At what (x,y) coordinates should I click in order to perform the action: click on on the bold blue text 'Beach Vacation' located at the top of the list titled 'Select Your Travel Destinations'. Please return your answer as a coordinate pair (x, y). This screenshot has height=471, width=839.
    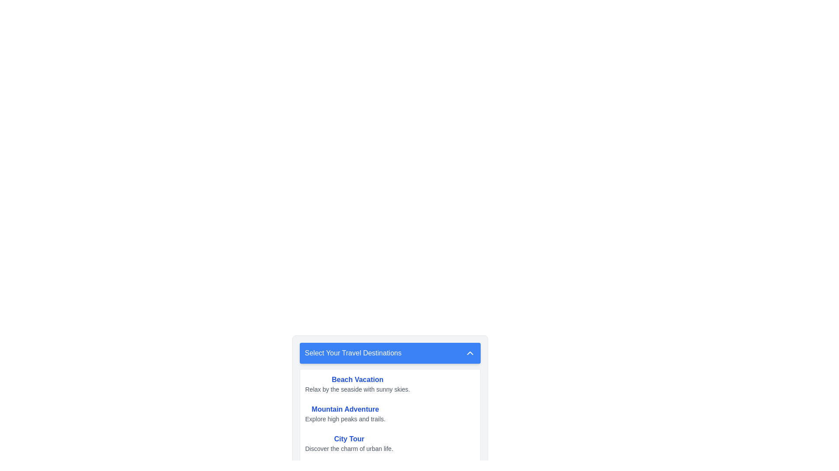
    Looking at the image, I should click on (357, 379).